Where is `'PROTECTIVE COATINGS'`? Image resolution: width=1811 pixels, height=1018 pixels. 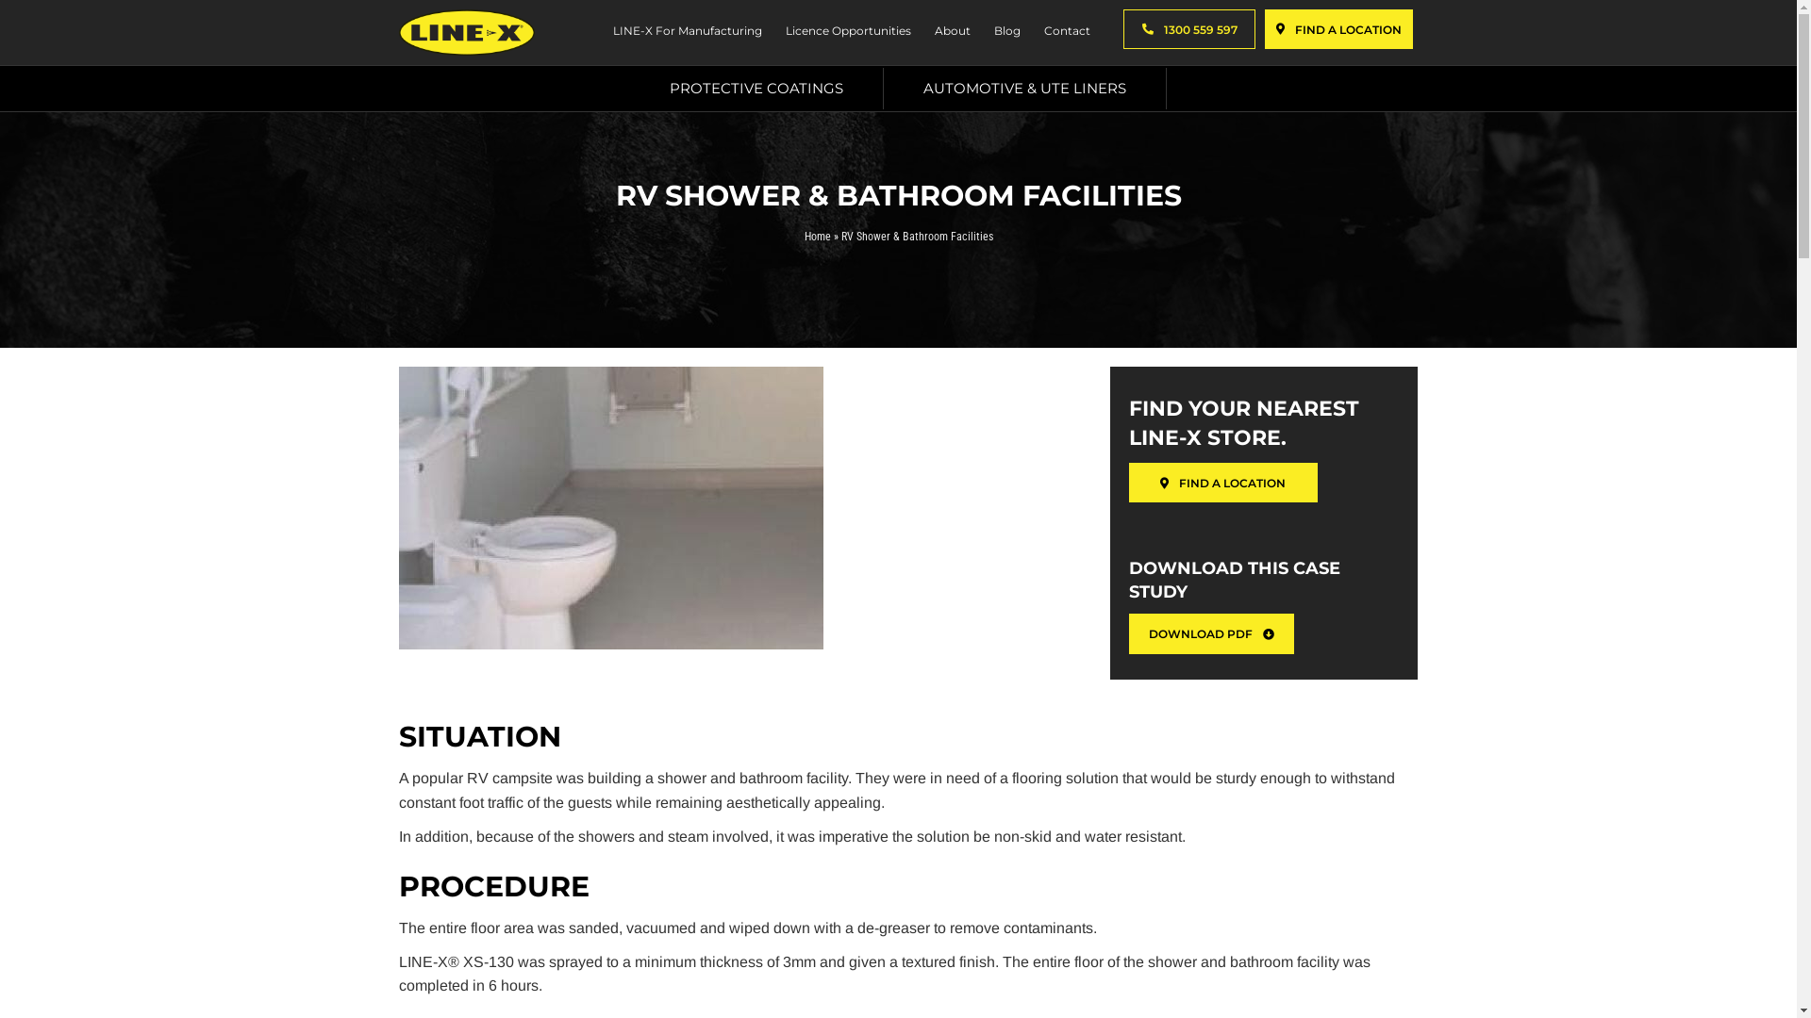 'PROTECTIVE COATINGS' is located at coordinates (629, 88).